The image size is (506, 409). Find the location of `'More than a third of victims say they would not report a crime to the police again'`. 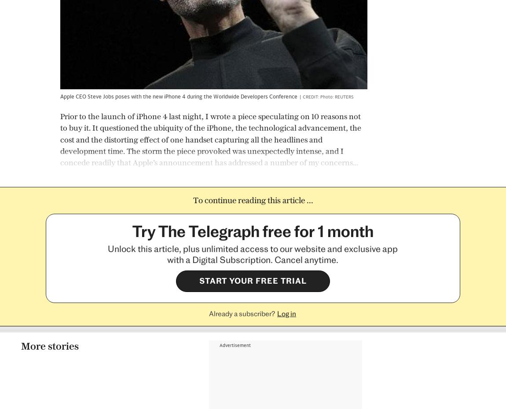

'More than a third of victims say they would not report a crime to the police again' is located at coordinates (131, 276).